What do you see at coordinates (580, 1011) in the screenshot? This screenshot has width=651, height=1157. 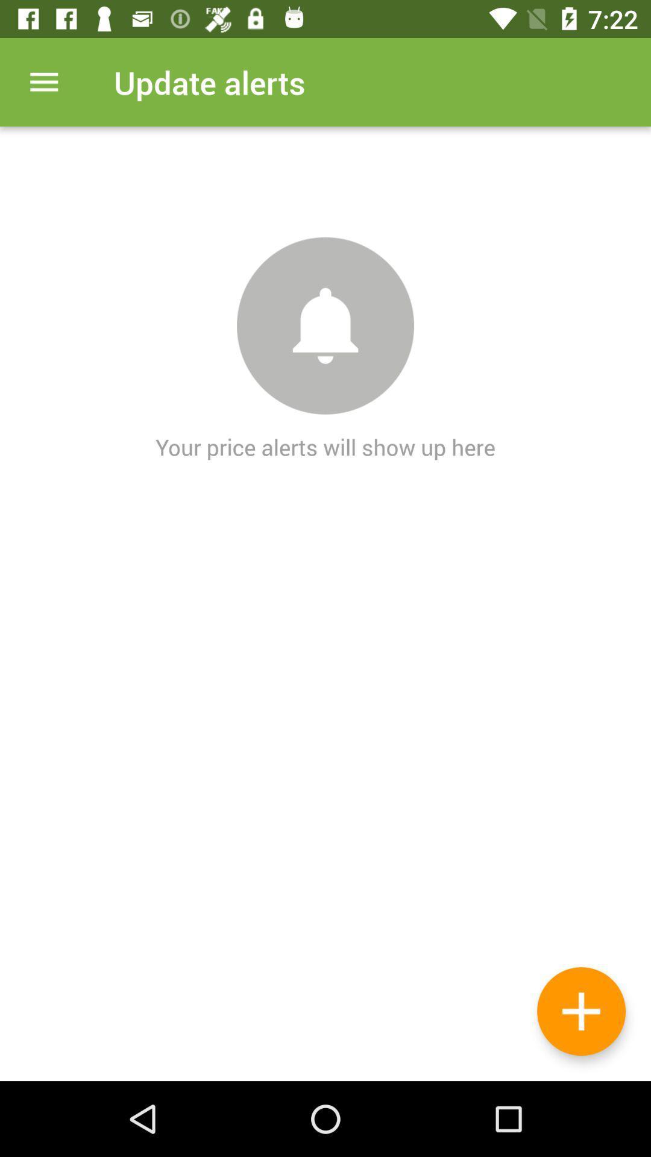 I see `the icon below the update alerts` at bounding box center [580, 1011].